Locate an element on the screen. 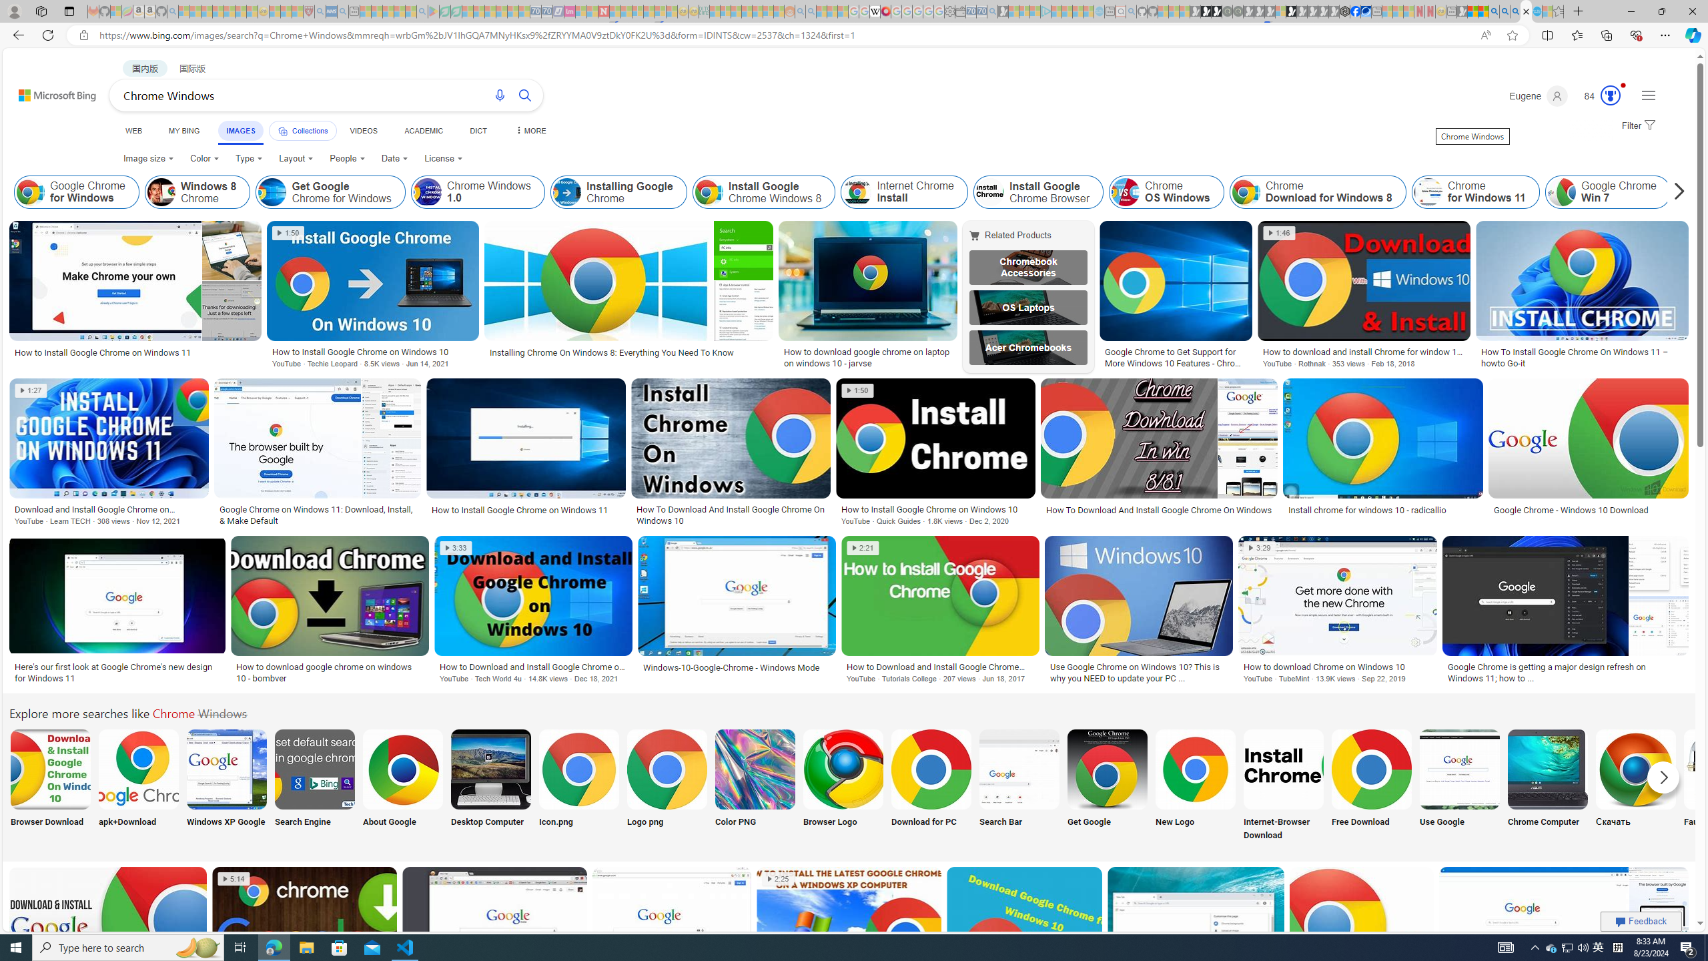 This screenshot has width=1708, height=961. 'Desktop Computer' is located at coordinates (490, 785).